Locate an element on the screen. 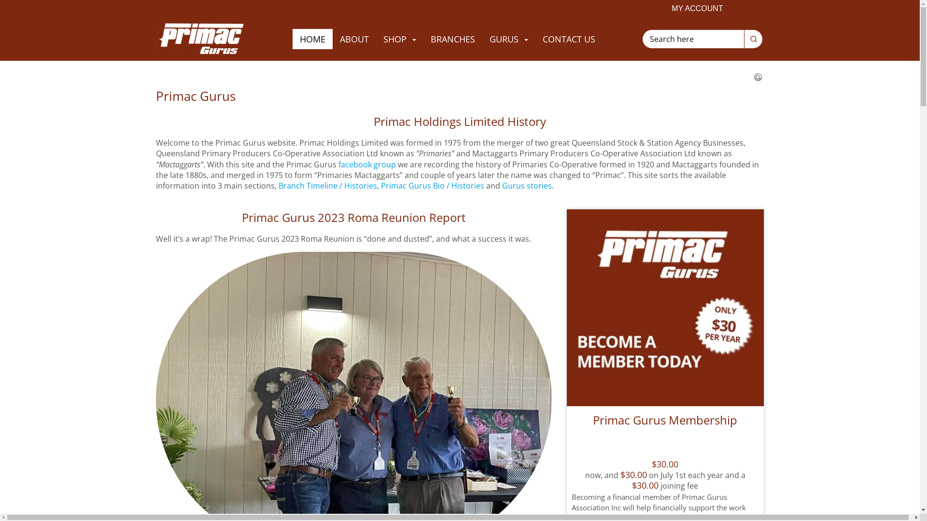 The image size is (927, 521). 'Branch Timeline / Histories' is located at coordinates (327, 186).